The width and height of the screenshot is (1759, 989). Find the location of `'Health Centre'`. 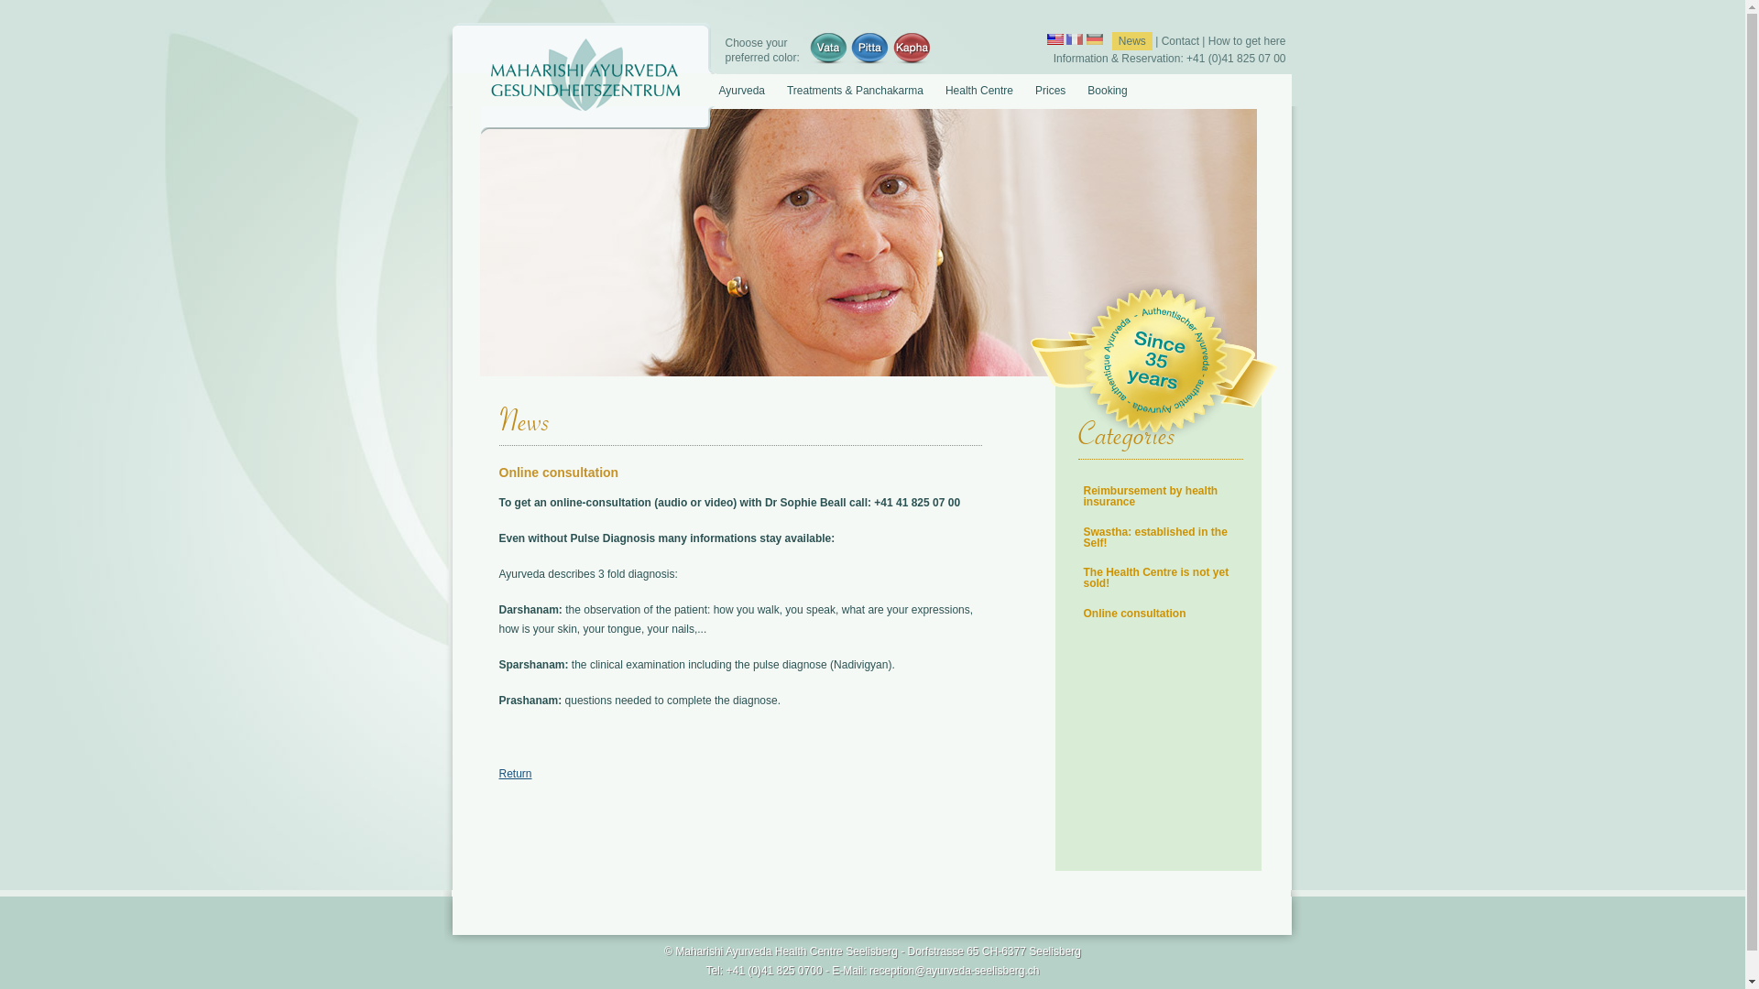

'Health Centre' is located at coordinates (978, 90).